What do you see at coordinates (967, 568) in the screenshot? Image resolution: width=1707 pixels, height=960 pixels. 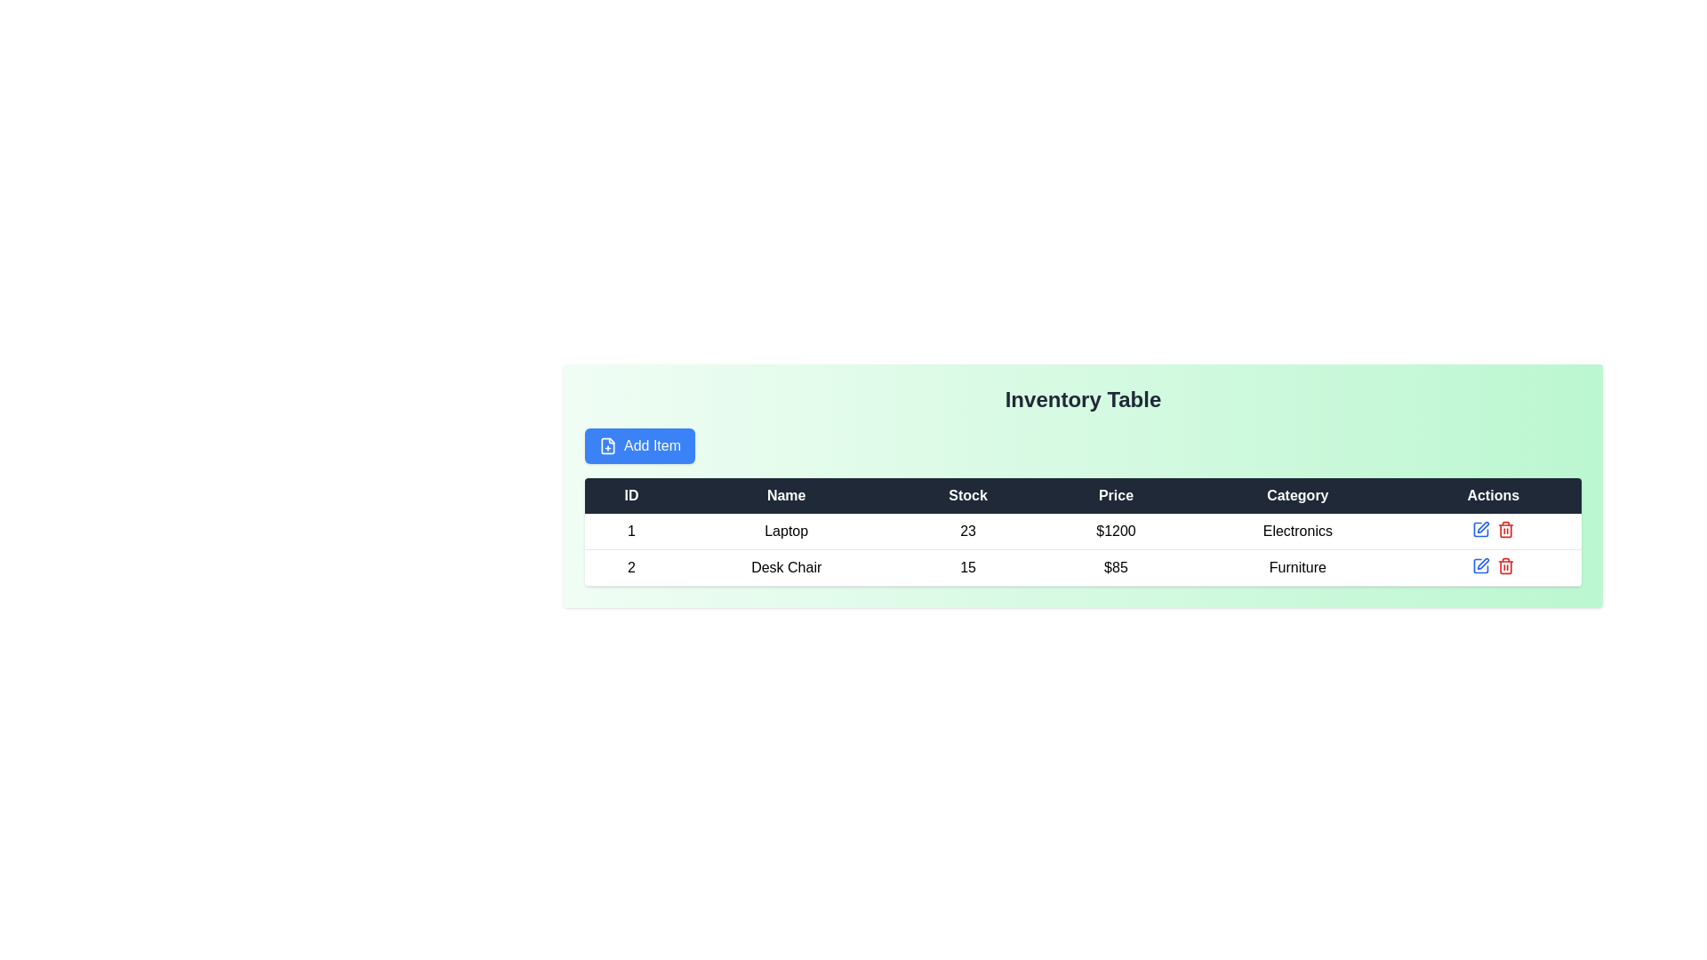 I see `number '15' displayed in the Data cell located in the second row under the 'Stock' column of the table` at bounding box center [967, 568].